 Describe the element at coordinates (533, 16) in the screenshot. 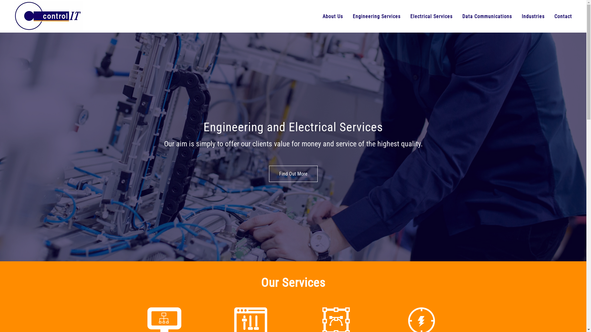

I see `'Industries'` at that location.